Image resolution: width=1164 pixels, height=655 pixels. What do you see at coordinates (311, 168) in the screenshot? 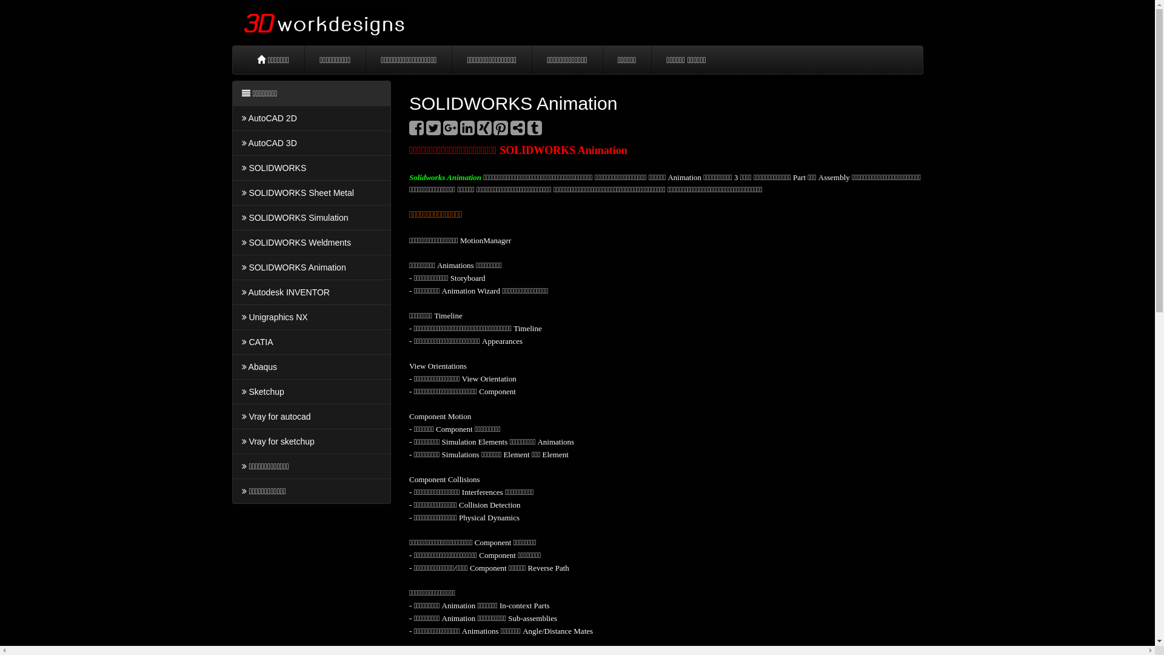
I see `'SOLIDWORKS'` at bounding box center [311, 168].